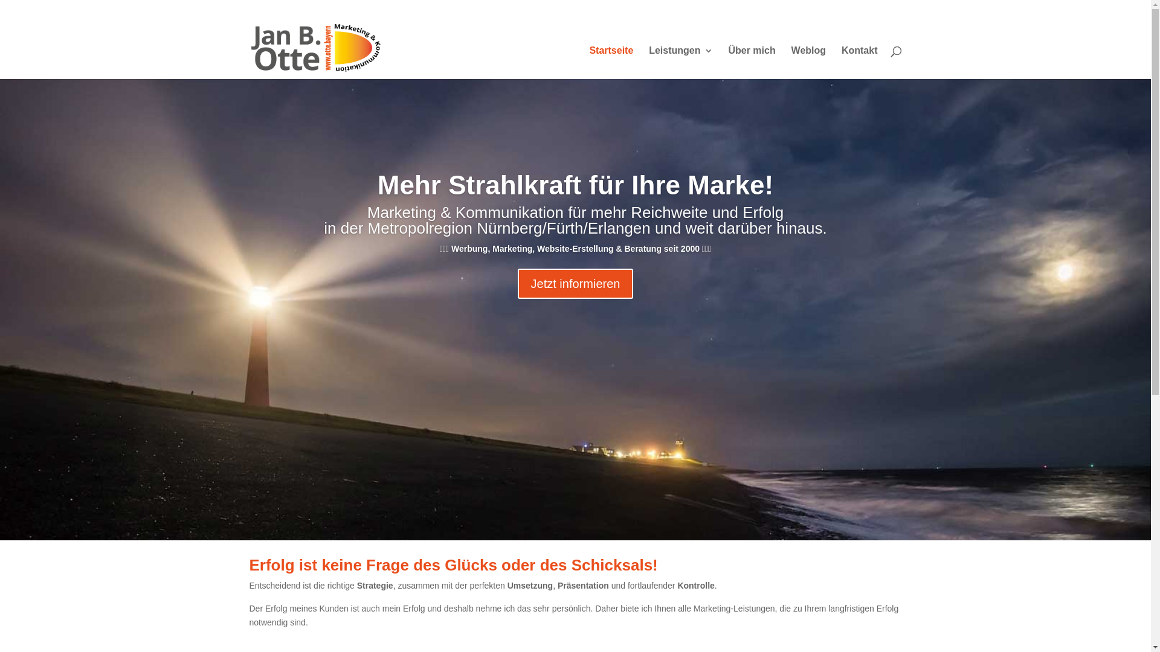 This screenshot has width=1160, height=652. What do you see at coordinates (680, 63) in the screenshot?
I see `'Leistungen'` at bounding box center [680, 63].